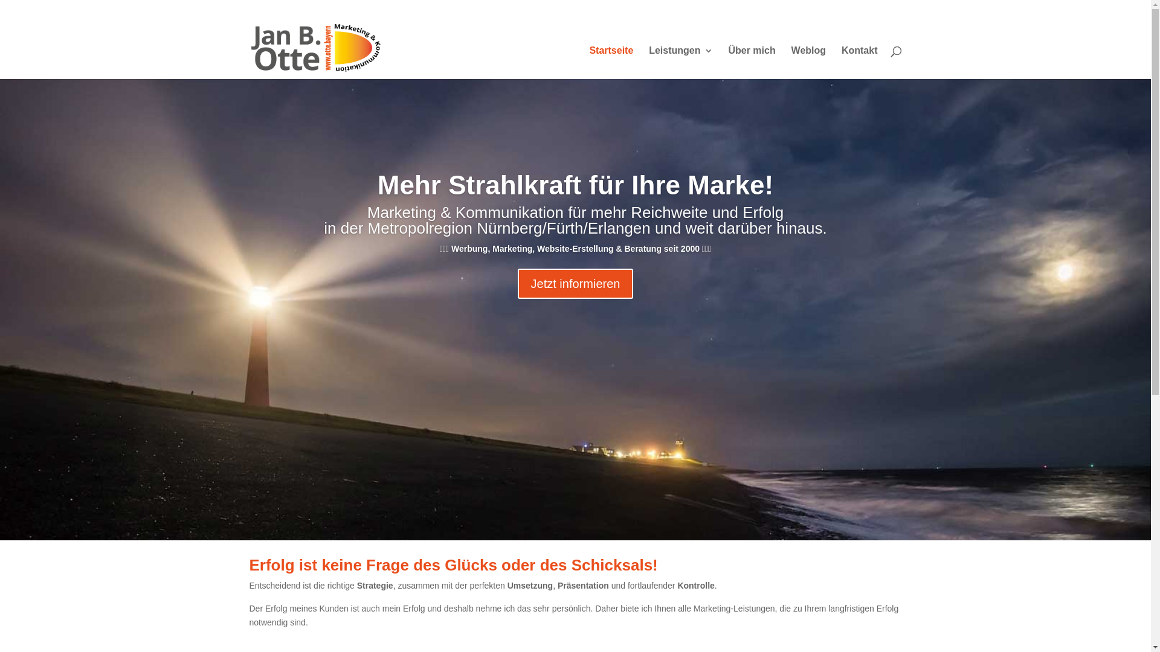 This screenshot has width=1160, height=652. What do you see at coordinates (680, 63) in the screenshot?
I see `'Leistungen'` at bounding box center [680, 63].